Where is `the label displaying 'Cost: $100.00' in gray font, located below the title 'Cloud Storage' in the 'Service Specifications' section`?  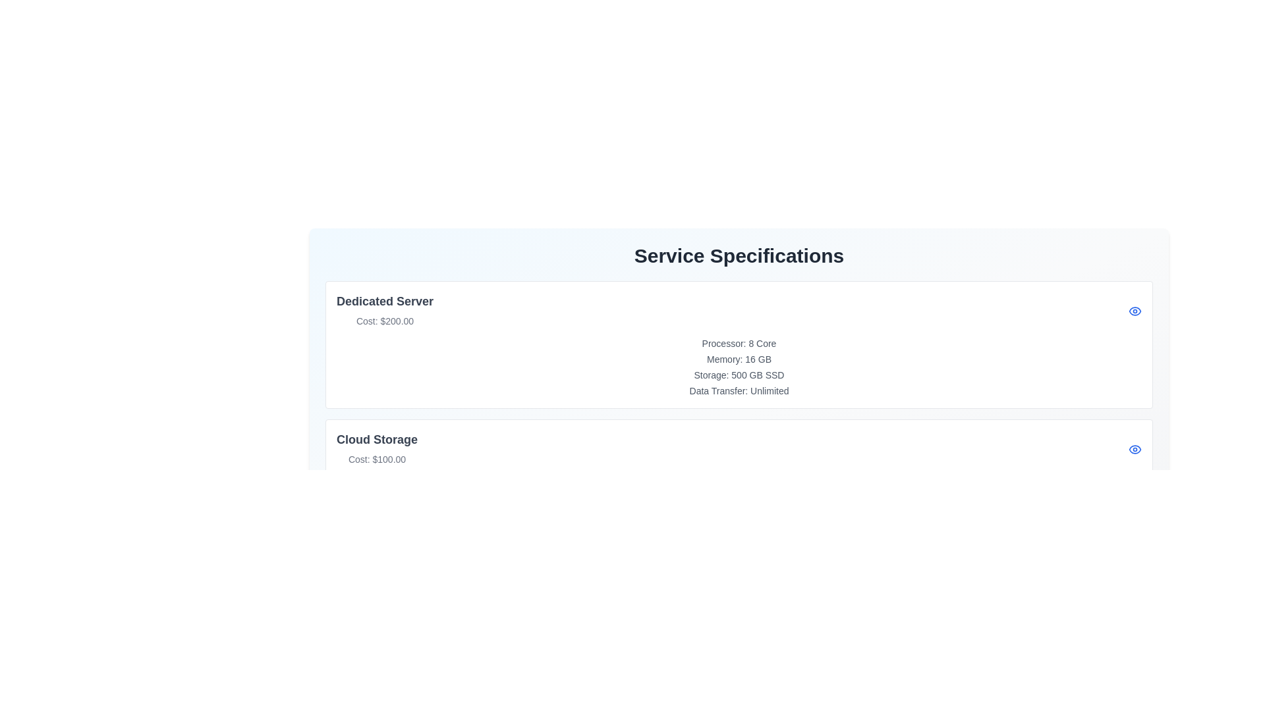 the label displaying 'Cost: $100.00' in gray font, located below the title 'Cloud Storage' in the 'Service Specifications' section is located at coordinates (376, 459).